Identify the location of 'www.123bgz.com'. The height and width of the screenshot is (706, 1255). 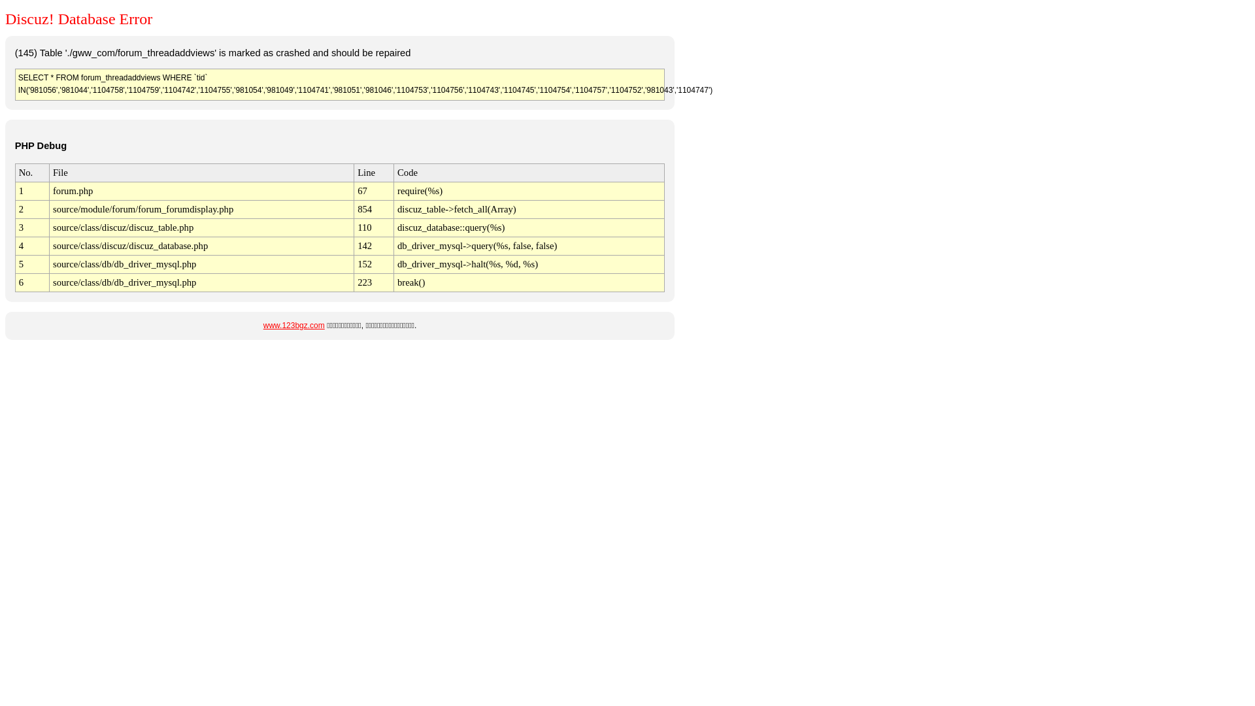
(293, 324).